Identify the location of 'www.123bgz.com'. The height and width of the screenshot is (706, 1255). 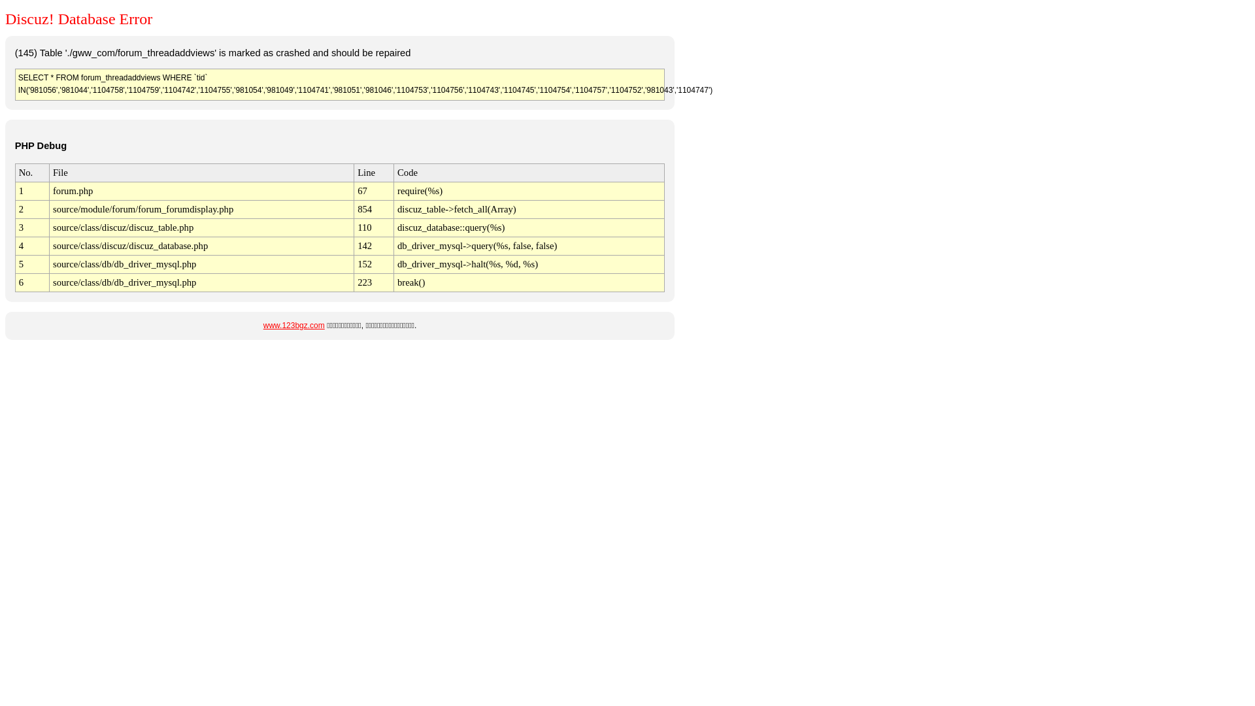
(293, 324).